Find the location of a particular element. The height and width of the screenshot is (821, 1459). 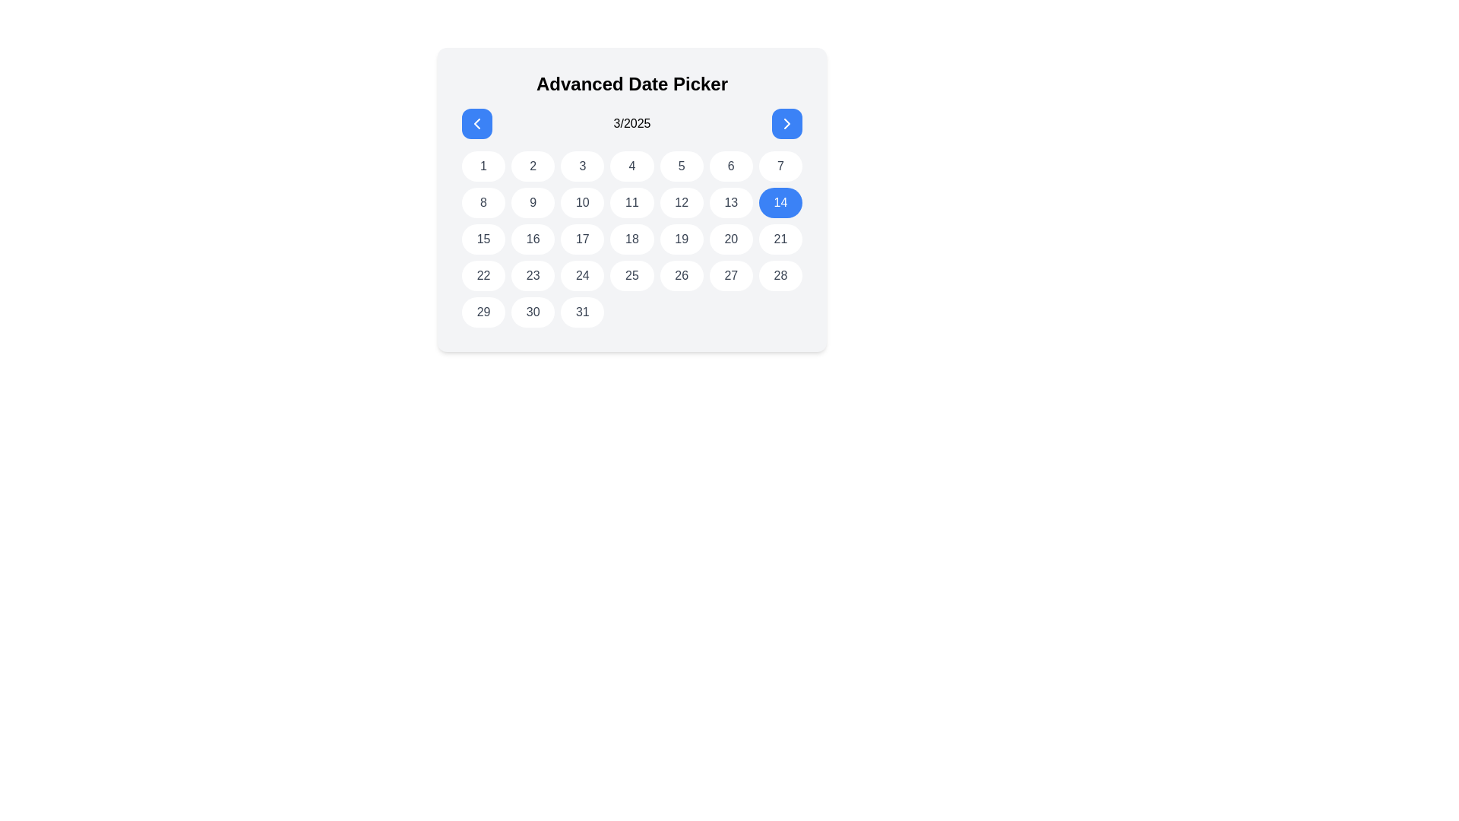

the button representing the 10th day in the calendar is located at coordinates (581, 201).